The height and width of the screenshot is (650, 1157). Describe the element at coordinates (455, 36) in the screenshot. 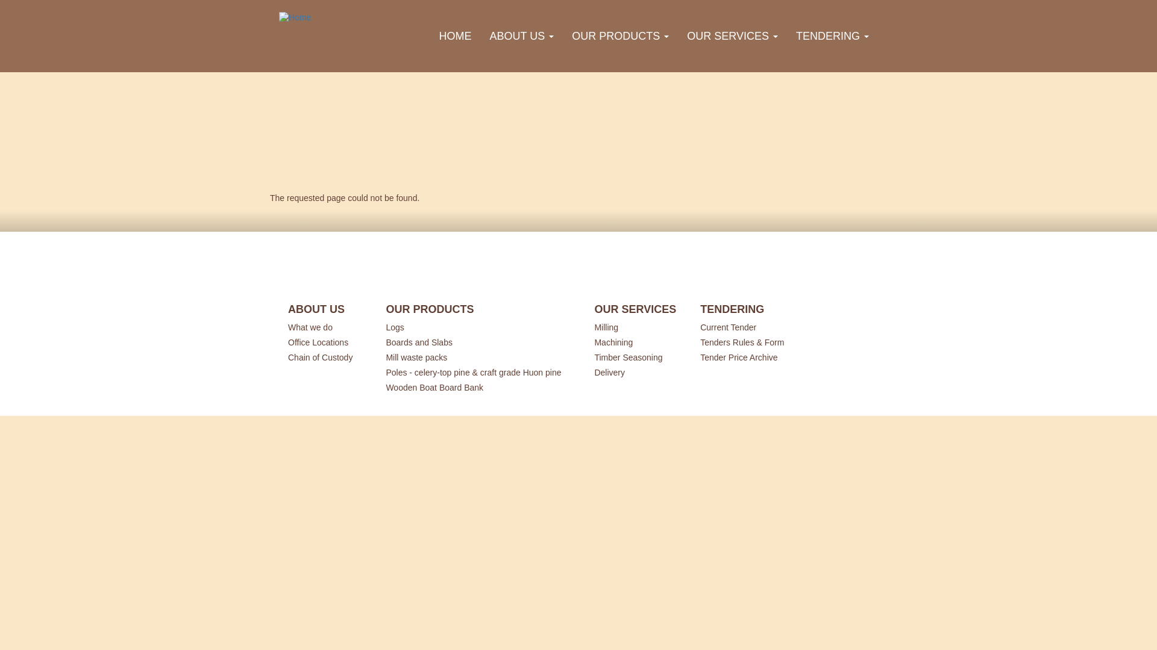

I see `'HOME'` at that location.